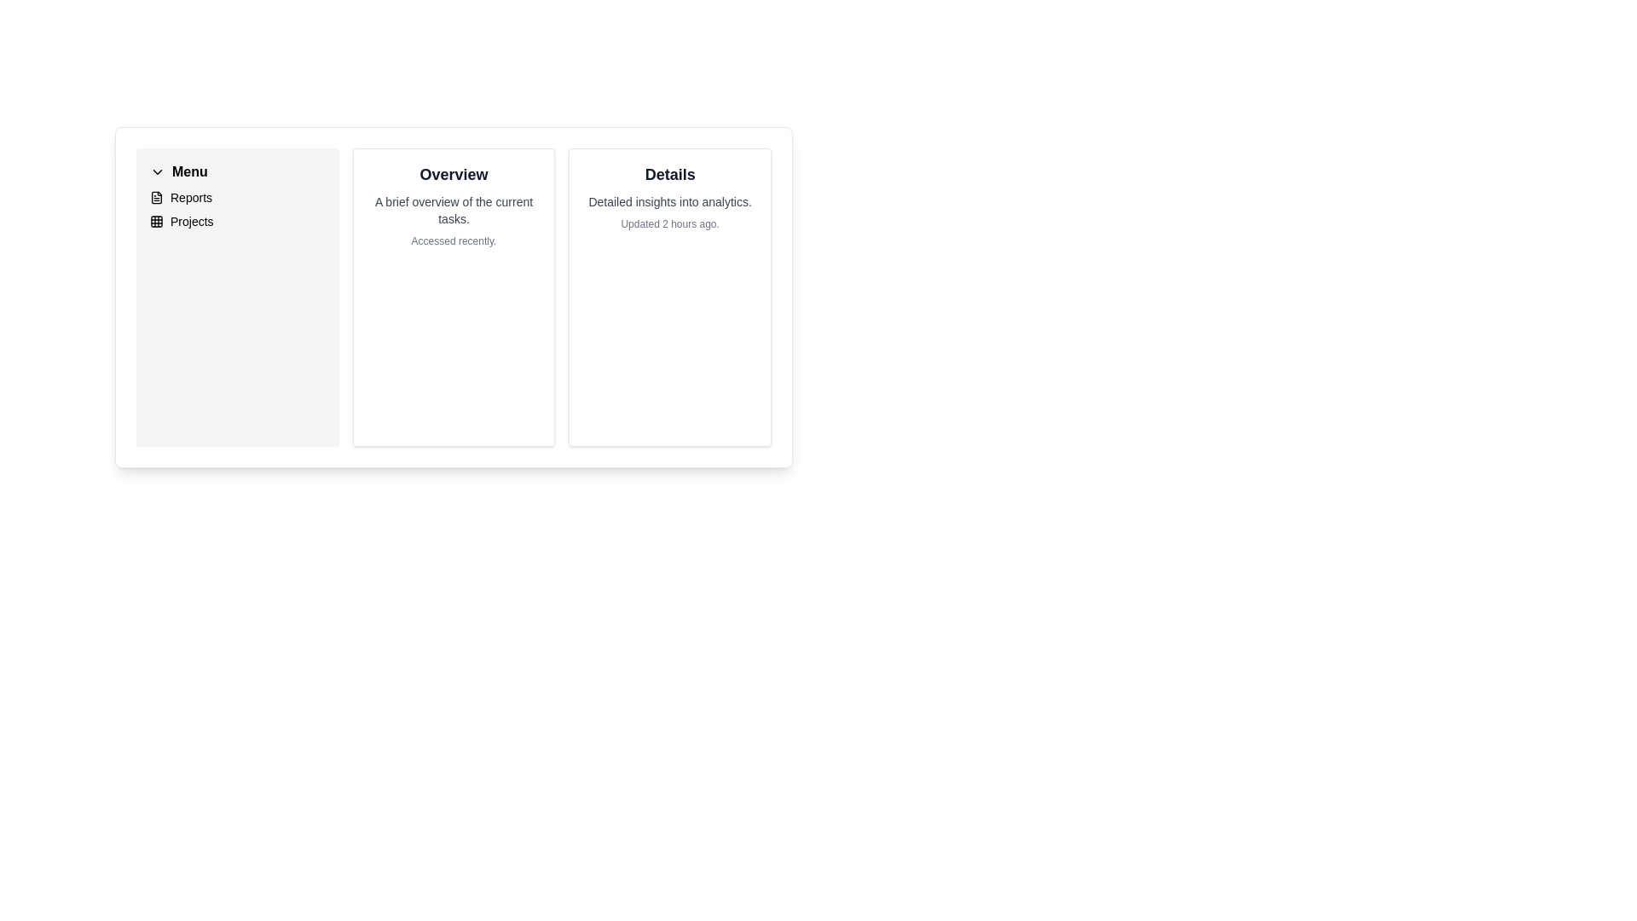 The height and width of the screenshot is (921, 1637). Describe the element at coordinates (156, 220) in the screenshot. I see `the Square sub-component of the SVG icon located in the top-left corner of the 3x3 grid layout adjacent to the 'Projects' text under the 'Menu' section` at that location.